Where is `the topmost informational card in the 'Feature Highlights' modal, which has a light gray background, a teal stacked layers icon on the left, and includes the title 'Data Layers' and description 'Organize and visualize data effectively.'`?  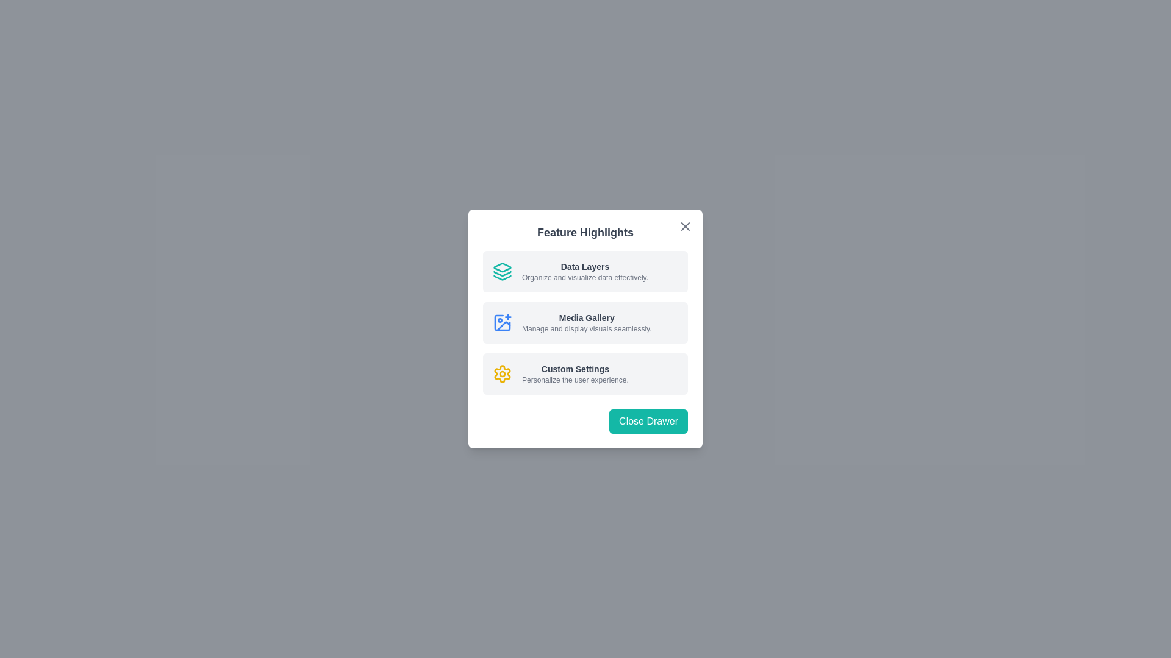 the topmost informational card in the 'Feature Highlights' modal, which has a light gray background, a teal stacked layers icon on the left, and includes the title 'Data Layers' and description 'Organize and visualize data effectively.' is located at coordinates (585, 271).